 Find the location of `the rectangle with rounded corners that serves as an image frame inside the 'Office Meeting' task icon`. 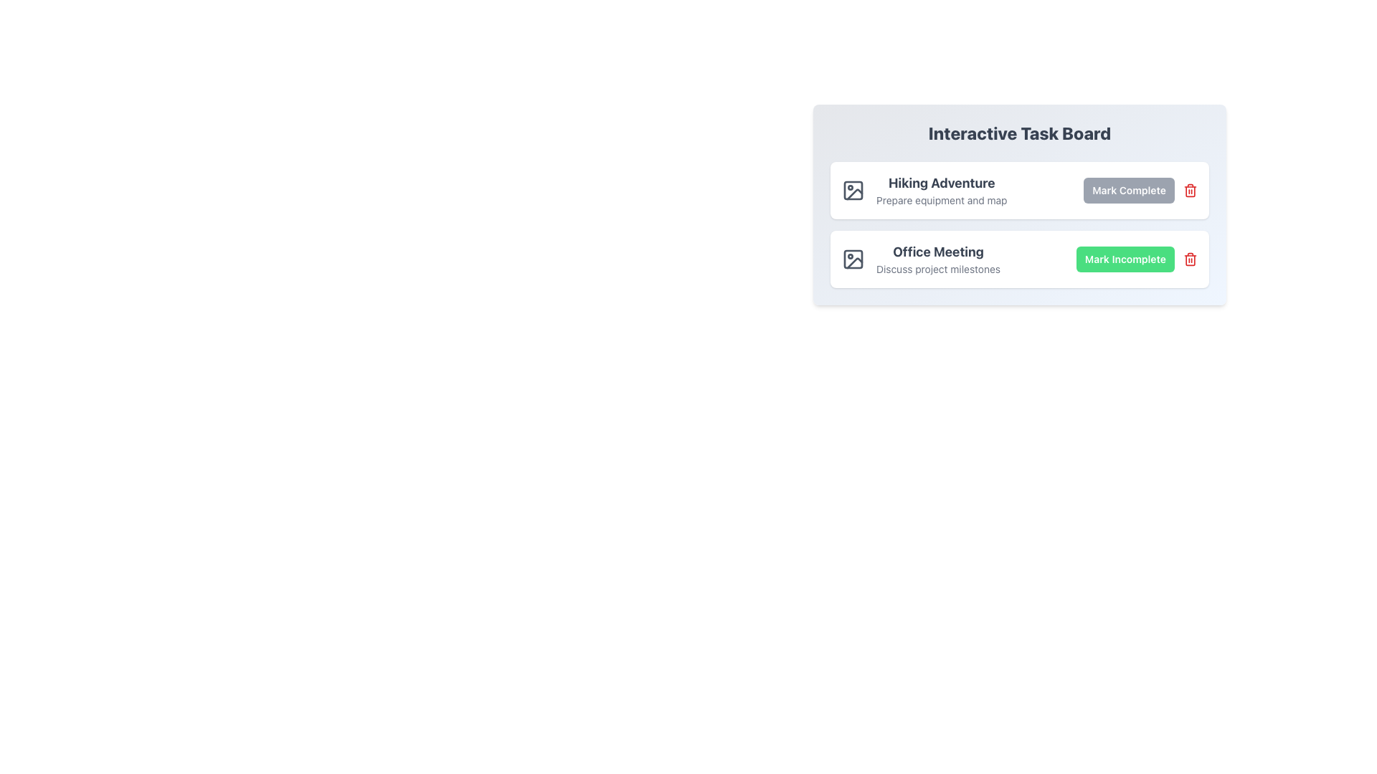

the rectangle with rounded corners that serves as an image frame inside the 'Office Meeting' task icon is located at coordinates (853, 259).